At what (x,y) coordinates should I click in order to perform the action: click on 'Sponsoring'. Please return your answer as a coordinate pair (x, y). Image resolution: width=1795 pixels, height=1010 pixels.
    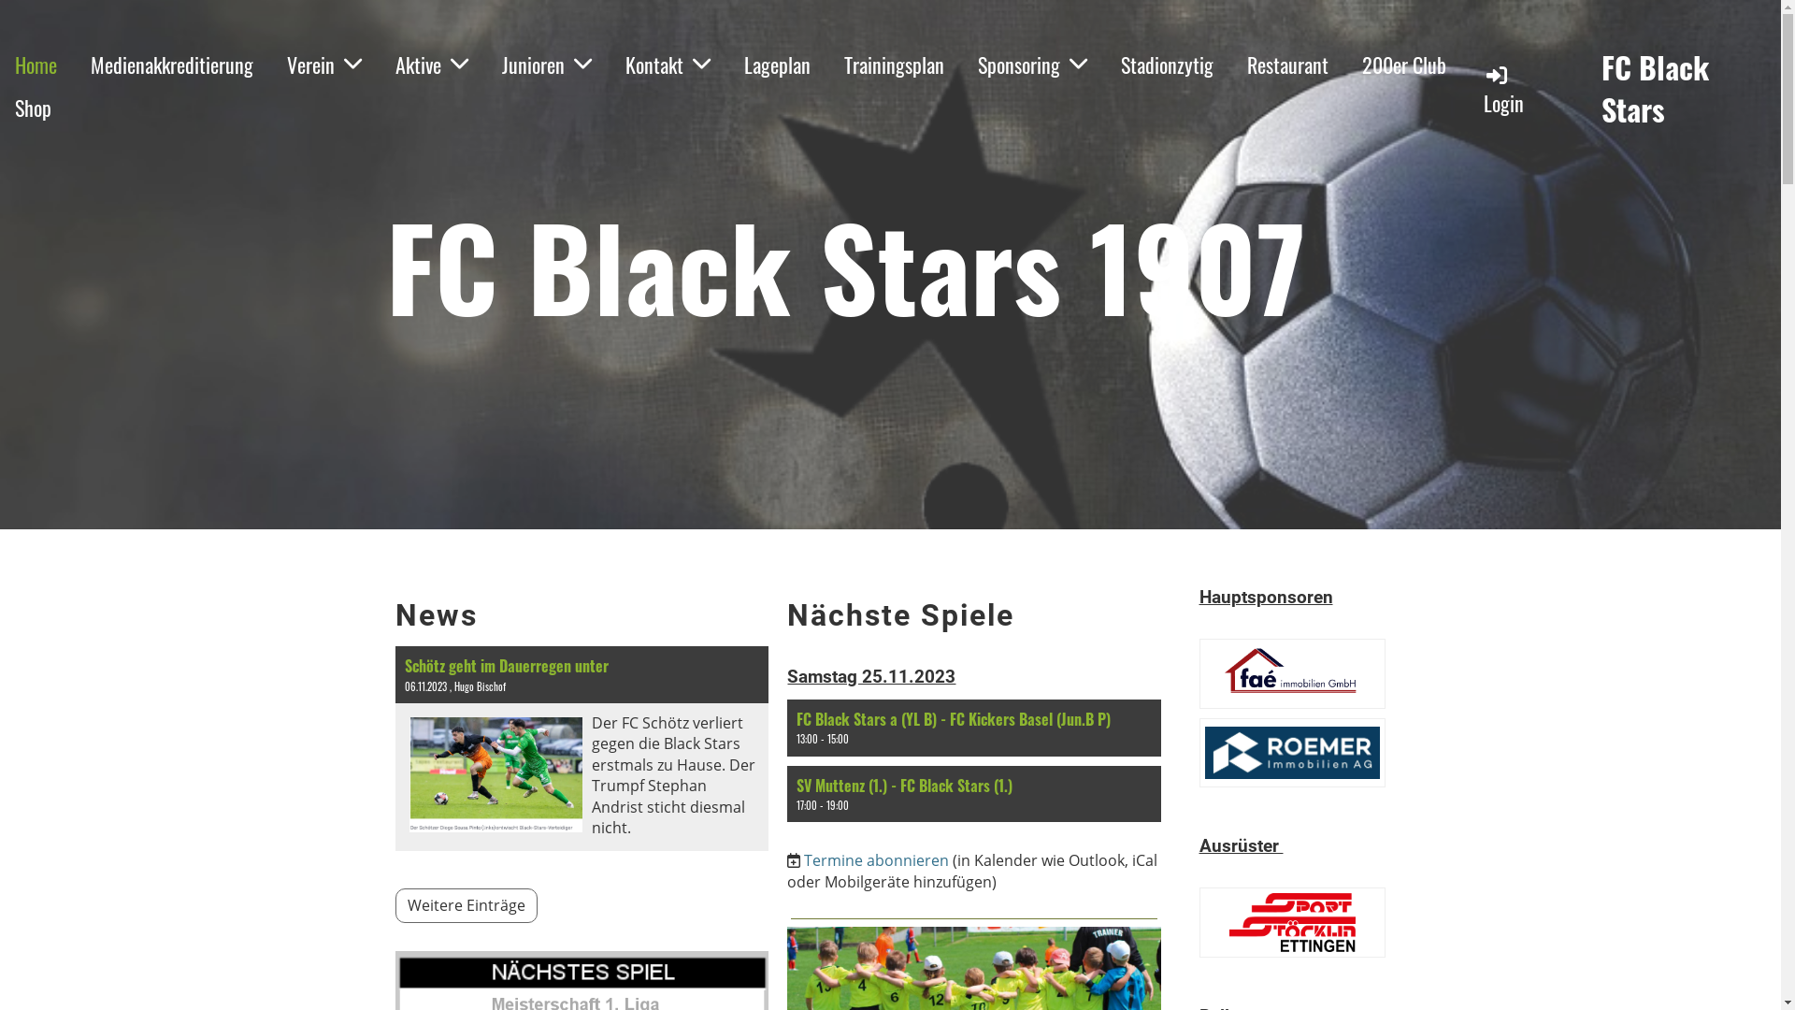
    Looking at the image, I should click on (963, 64).